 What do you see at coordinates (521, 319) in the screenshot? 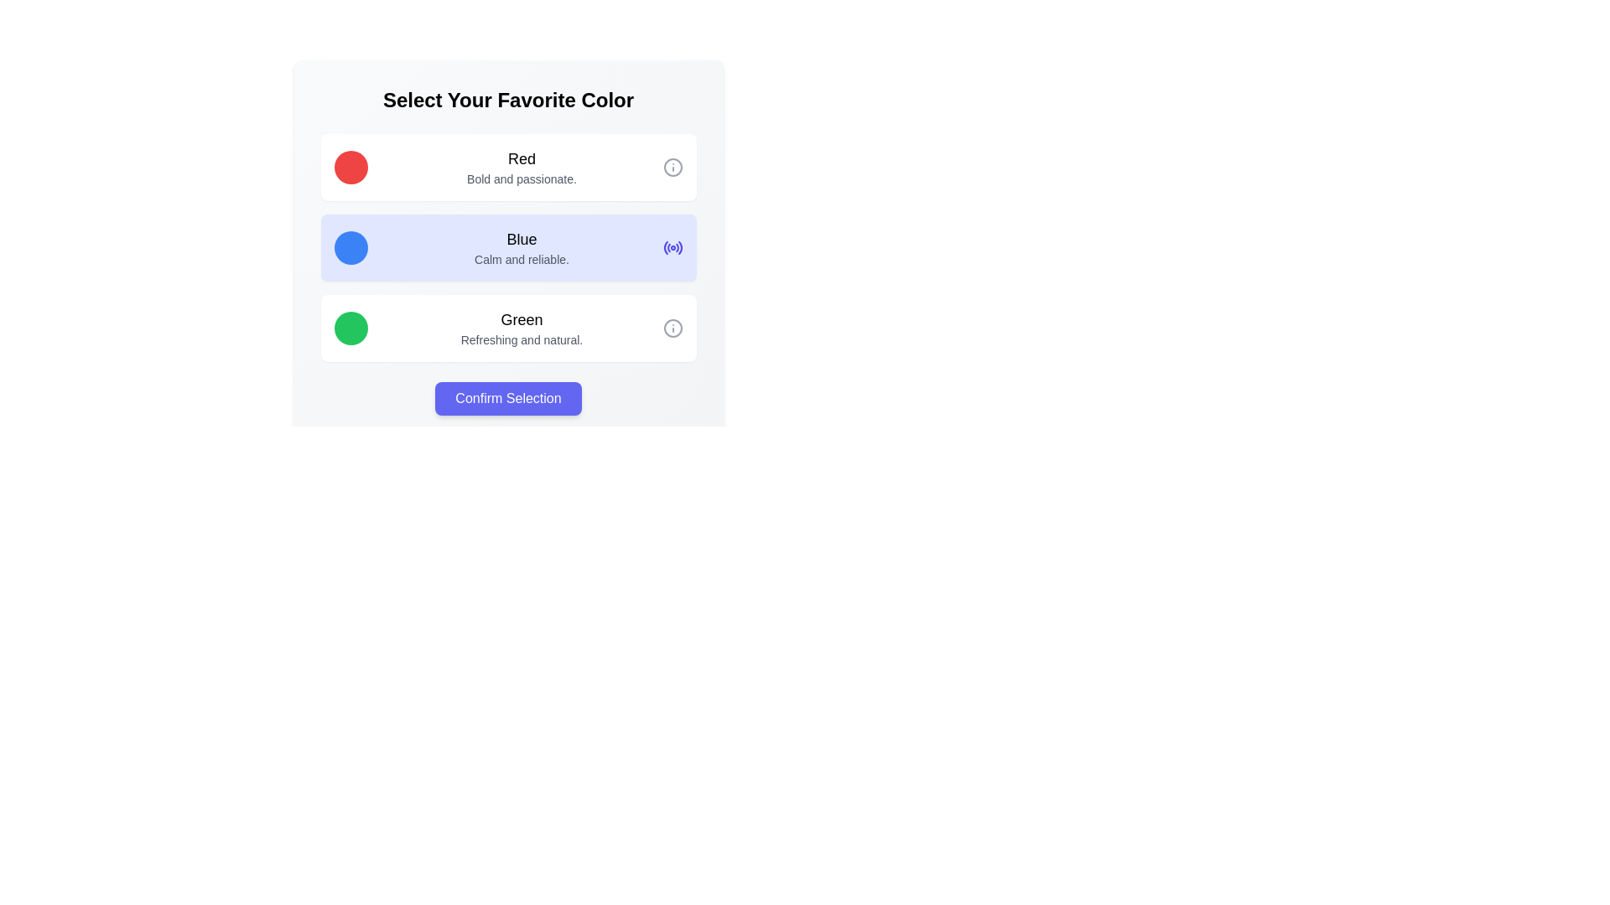
I see `the bold text label displaying 'Green' to inspect it` at bounding box center [521, 319].